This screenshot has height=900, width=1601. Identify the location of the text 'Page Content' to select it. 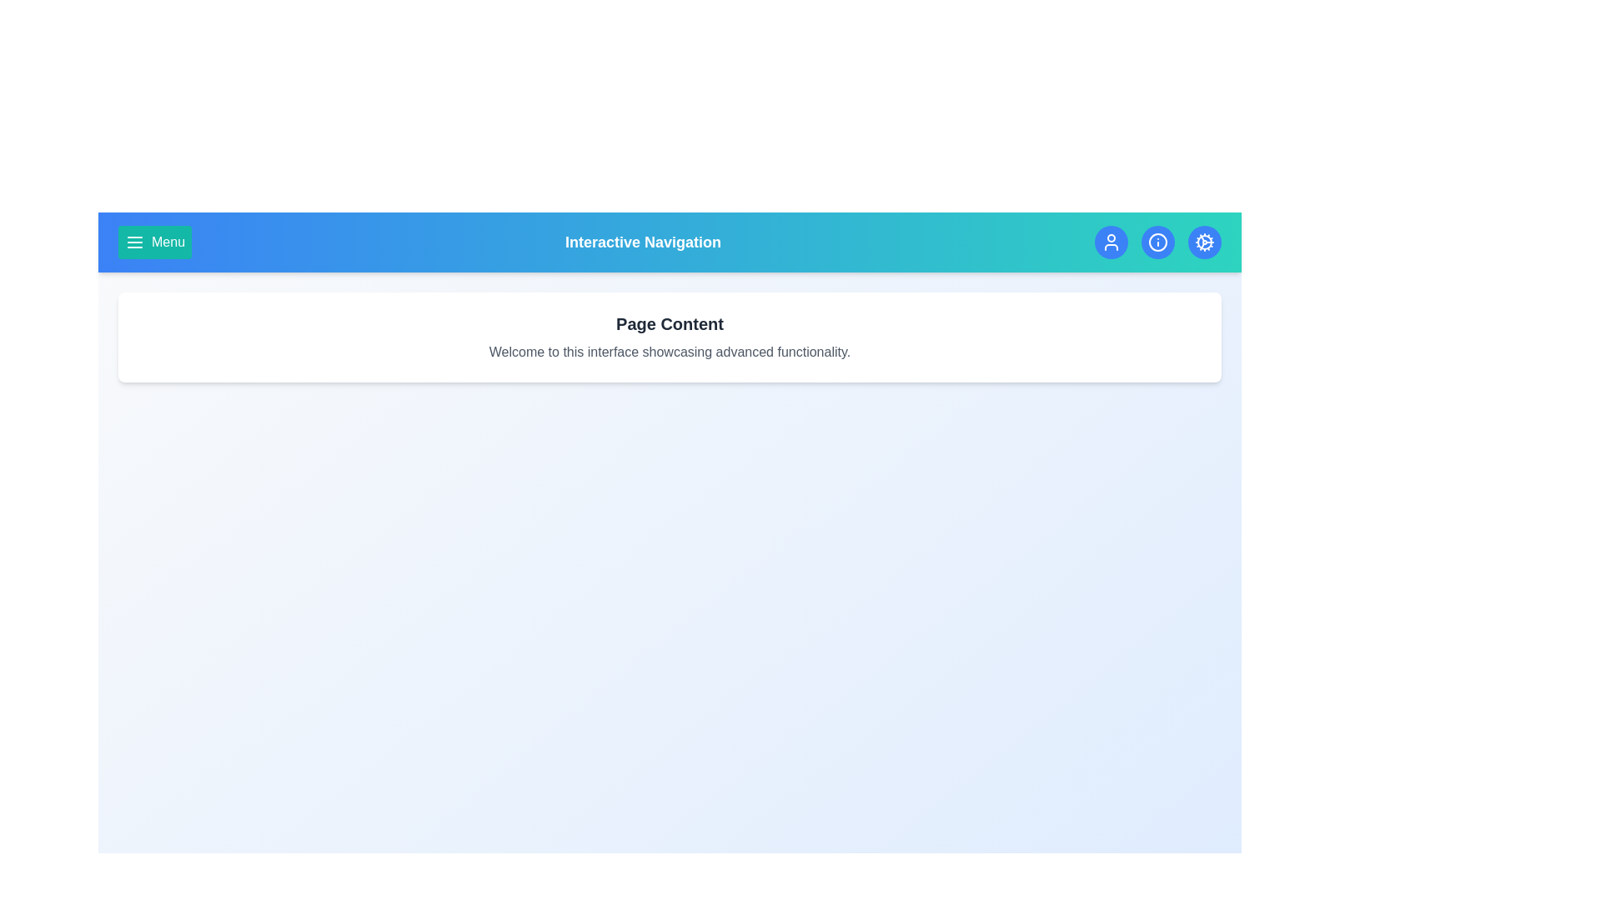
(670, 324).